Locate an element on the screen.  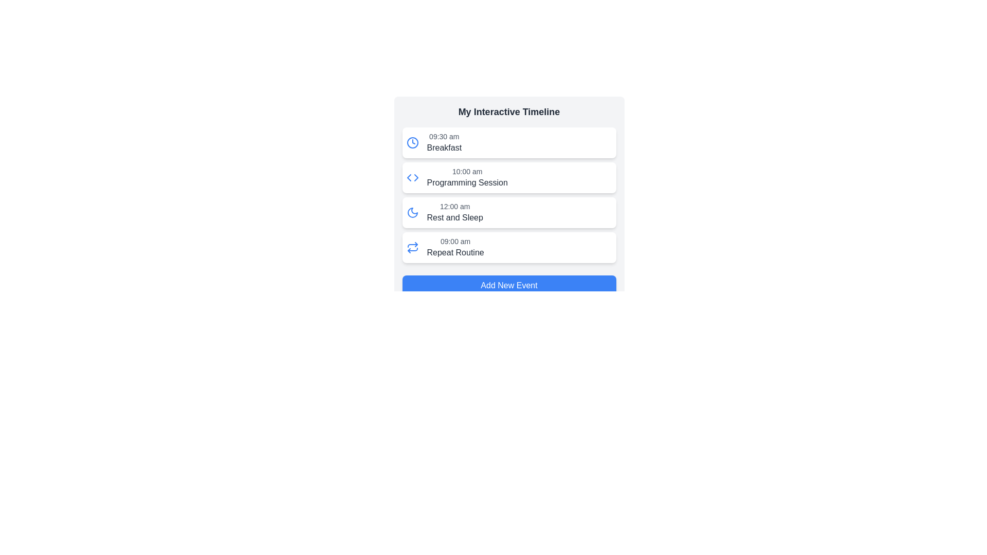
the static text label that denotes a scheduled activity occurring at 10:00 am, positioned below '10:00 am' in the event list timeline is located at coordinates (467, 182).